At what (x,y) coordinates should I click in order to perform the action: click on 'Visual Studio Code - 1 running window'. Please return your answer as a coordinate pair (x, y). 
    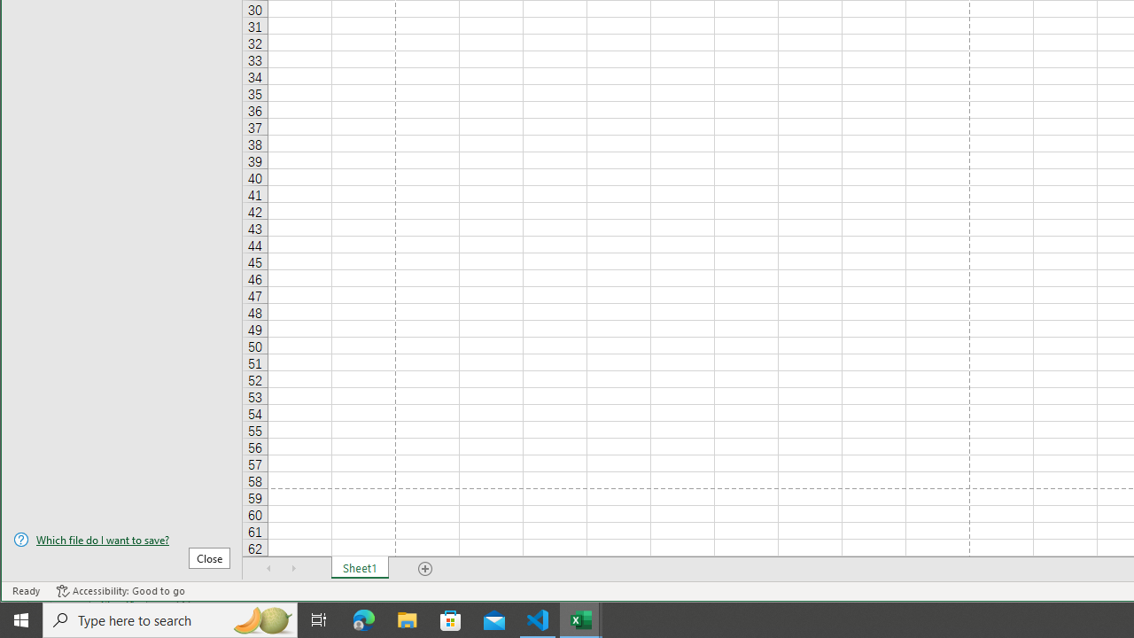
    Looking at the image, I should click on (537, 619).